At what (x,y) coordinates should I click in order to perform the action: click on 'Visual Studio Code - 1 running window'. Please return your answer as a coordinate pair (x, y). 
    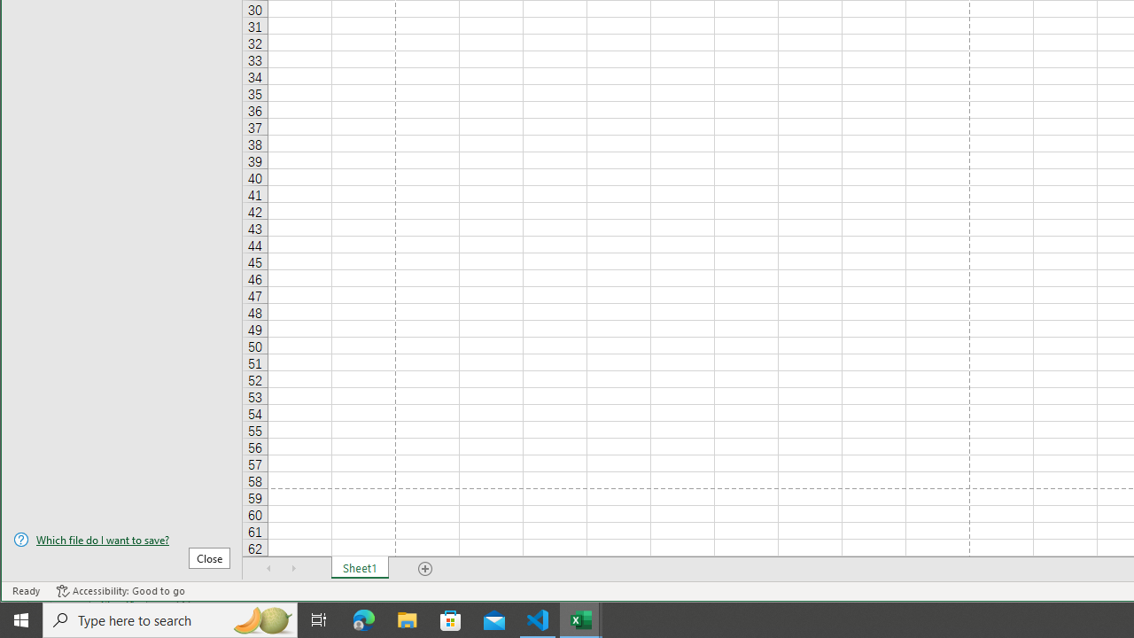
    Looking at the image, I should click on (537, 619).